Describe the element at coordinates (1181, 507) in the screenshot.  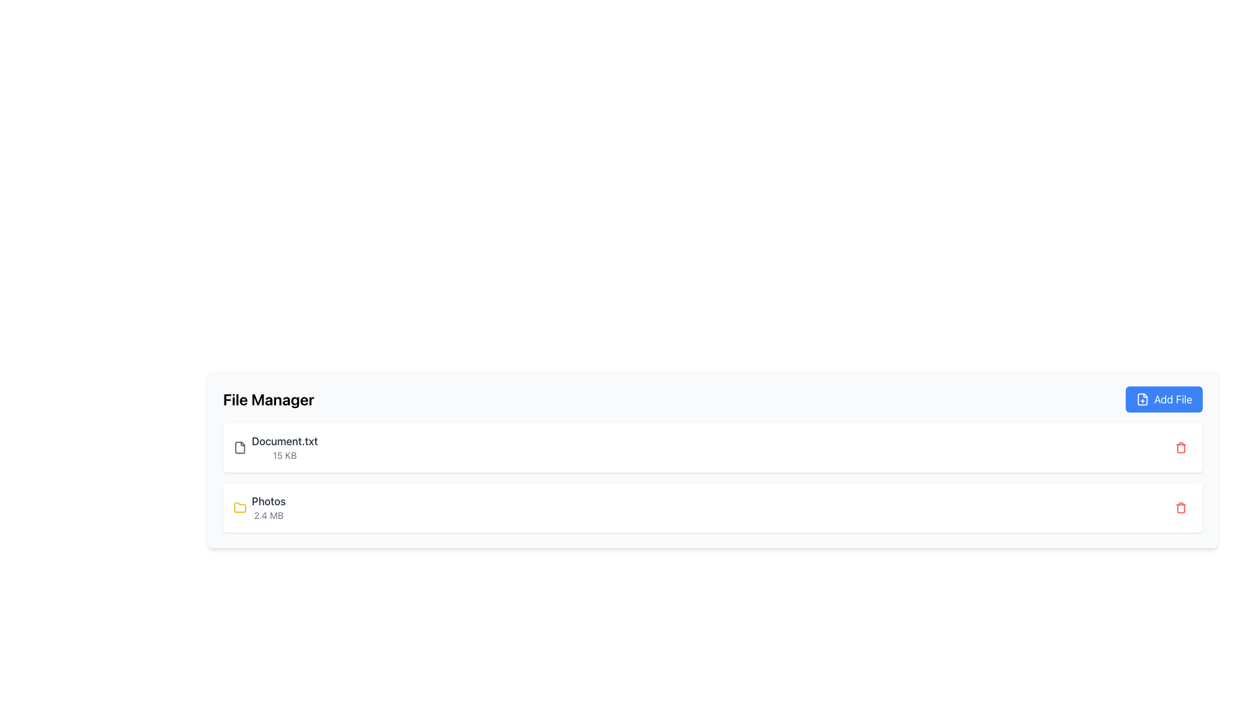
I see `the red-colored trash bin icon that represents the delete action for the Photos folder, located at the far right of the row displaying its size of 2.4 MB` at that location.